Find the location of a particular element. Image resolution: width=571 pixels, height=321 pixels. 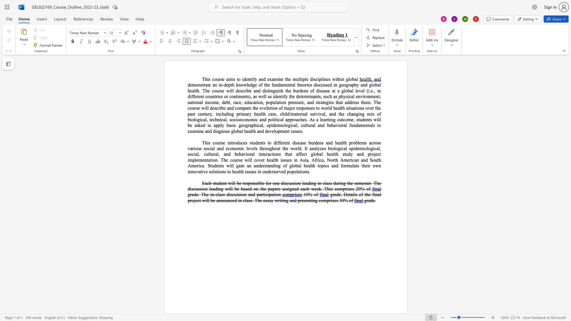

the space between the continuous character "c" and "r" in the text is located at coordinates (373, 143).